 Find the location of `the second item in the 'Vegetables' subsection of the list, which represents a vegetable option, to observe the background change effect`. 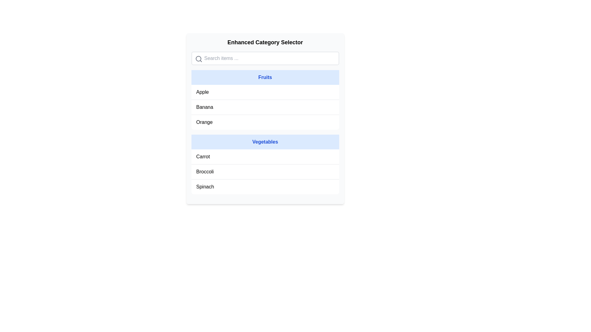

the second item in the 'Vegetables' subsection of the list, which represents a vegetable option, to observe the background change effect is located at coordinates (265, 172).